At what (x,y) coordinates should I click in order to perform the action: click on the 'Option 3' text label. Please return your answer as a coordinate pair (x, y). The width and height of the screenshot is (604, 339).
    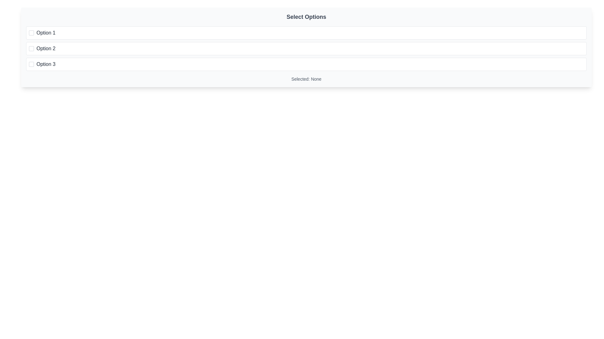
    Looking at the image, I should click on (46, 64).